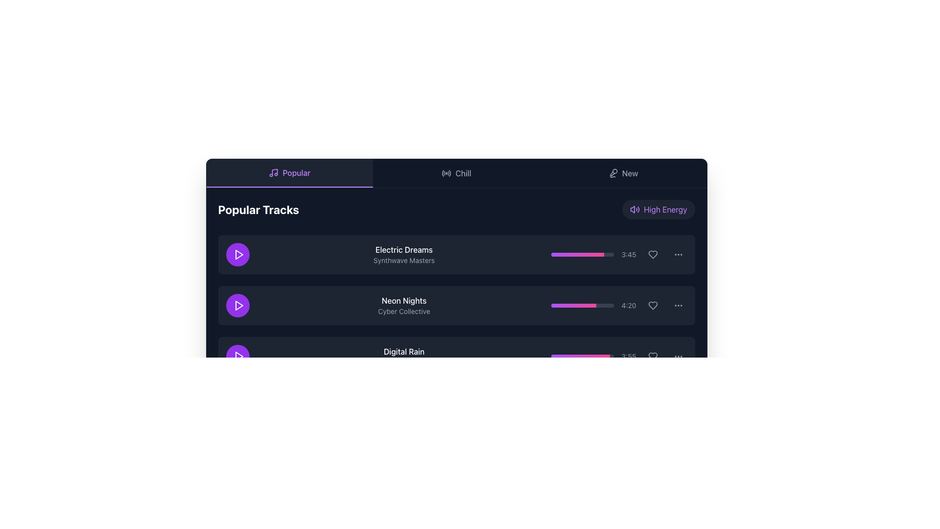  What do you see at coordinates (456, 173) in the screenshot?
I see `the 'Chill' tab navigation component to enable keyboard navigation` at bounding box center [456, 173].